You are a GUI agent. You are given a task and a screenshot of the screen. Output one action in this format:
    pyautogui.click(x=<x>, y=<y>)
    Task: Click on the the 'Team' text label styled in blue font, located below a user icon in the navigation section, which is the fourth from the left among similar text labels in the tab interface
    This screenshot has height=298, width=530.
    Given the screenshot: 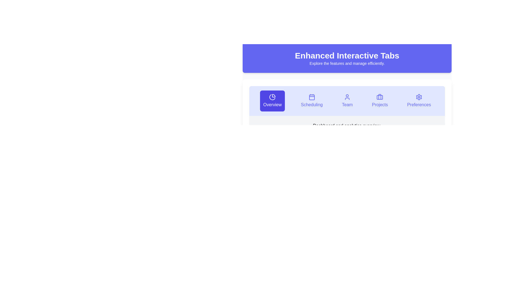 What is the action you would take?
    pyautogui.click(x=347, y=105)
    